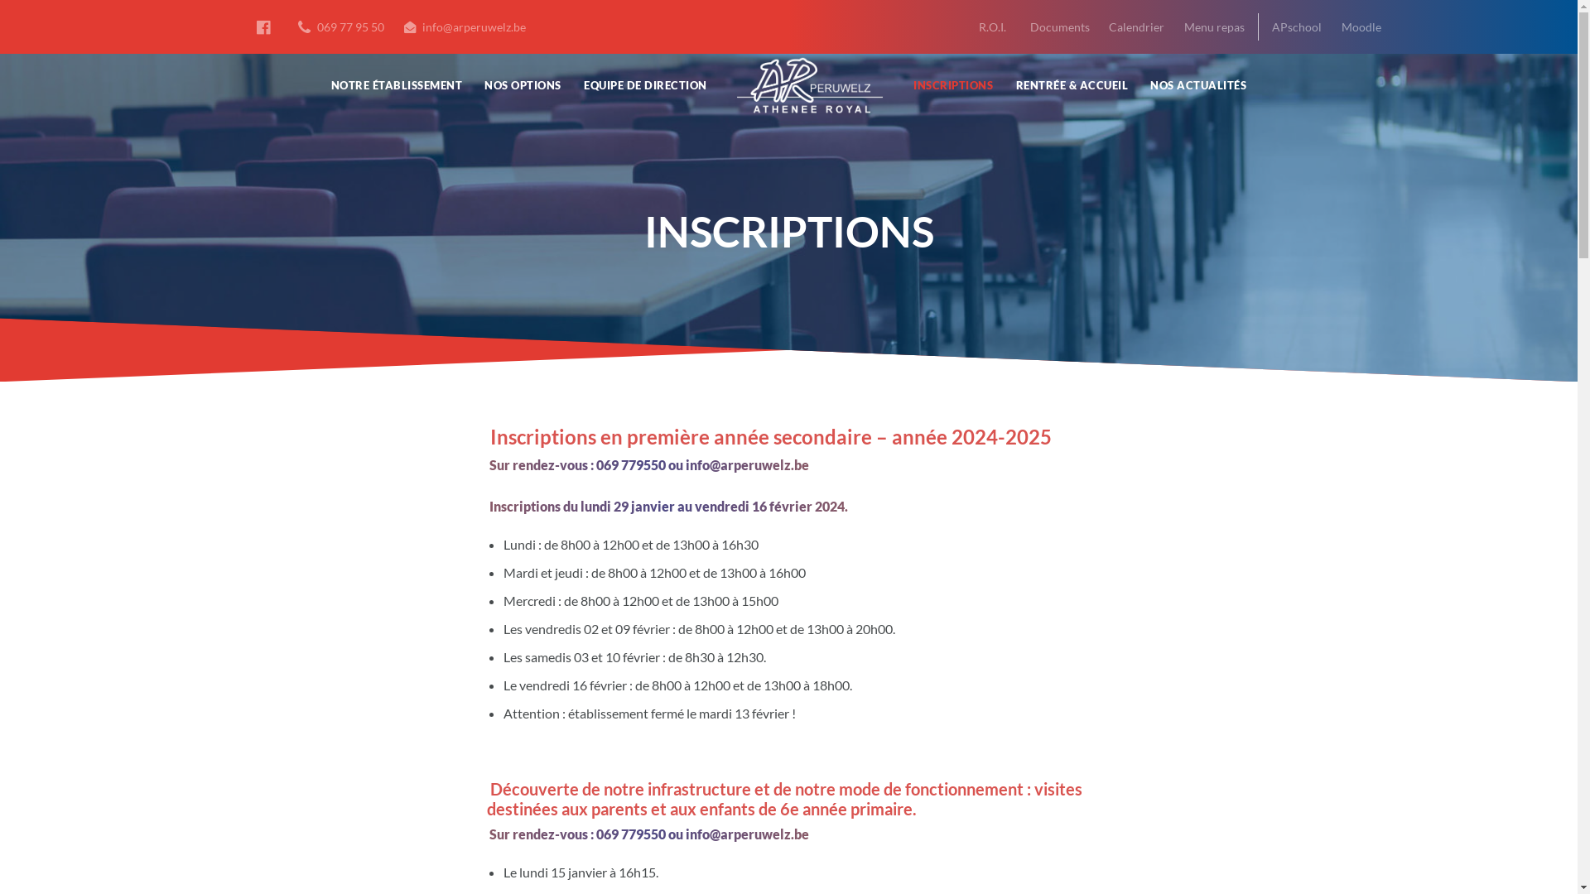  I want to click on 'R.O.I.', so click(992, 26).